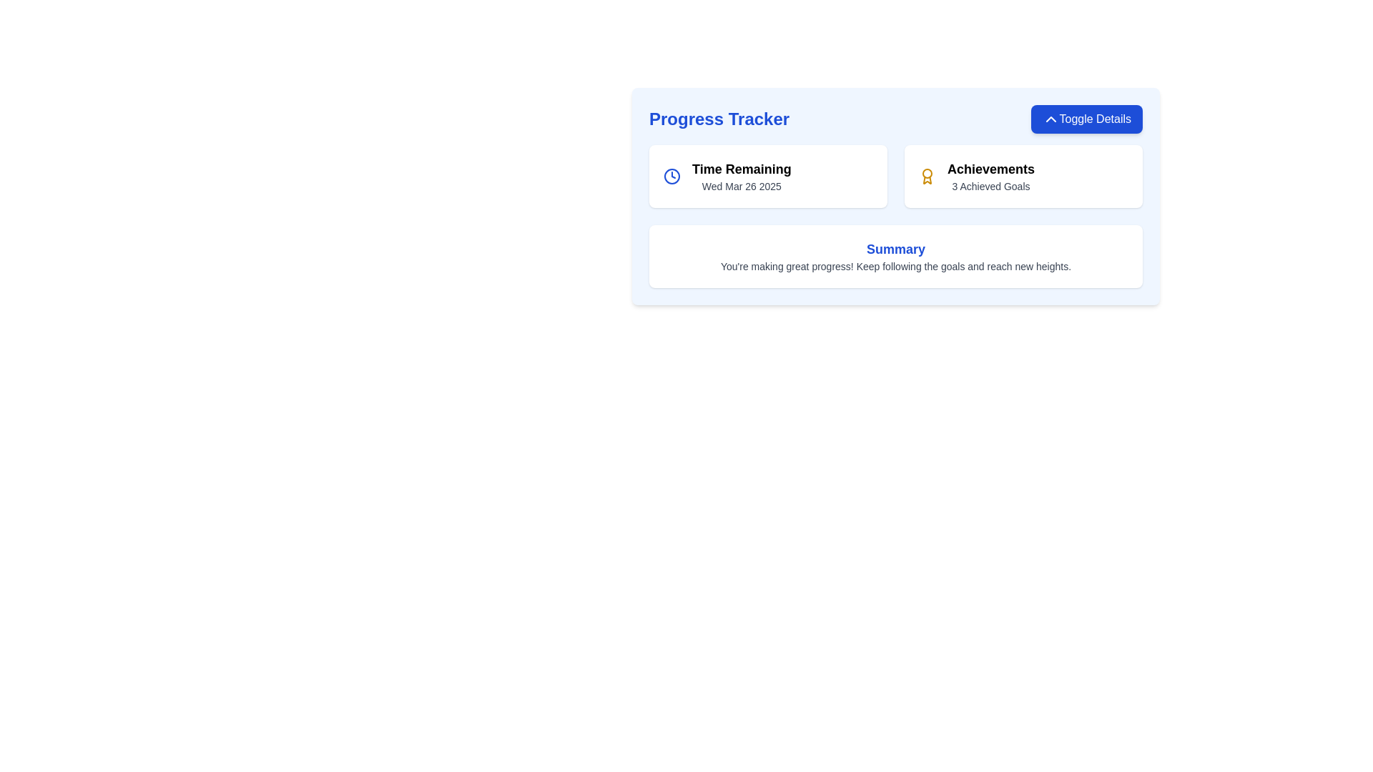 This screenshot has width=1373, height=772. I want to click on the 'Achievements' text label, which serves as a header for the Achievements section, located in the top-right section of the interface, so click(990, 168).